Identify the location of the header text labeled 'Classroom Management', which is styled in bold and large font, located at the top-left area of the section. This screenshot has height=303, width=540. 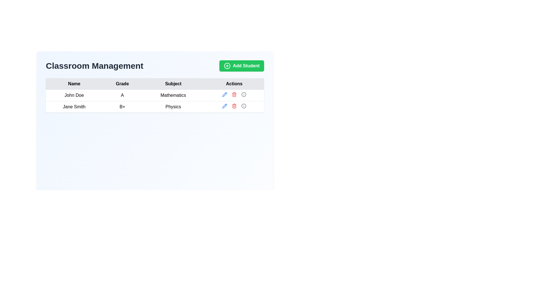
(94, 66).